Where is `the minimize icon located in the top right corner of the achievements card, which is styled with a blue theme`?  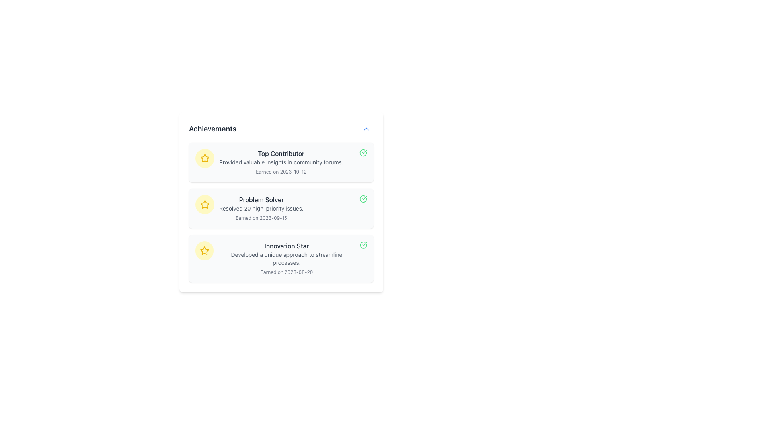
the minimize icon located in the top right corner of the achievements card, which is styled with a blue theme is located at coordinates (366, 129).